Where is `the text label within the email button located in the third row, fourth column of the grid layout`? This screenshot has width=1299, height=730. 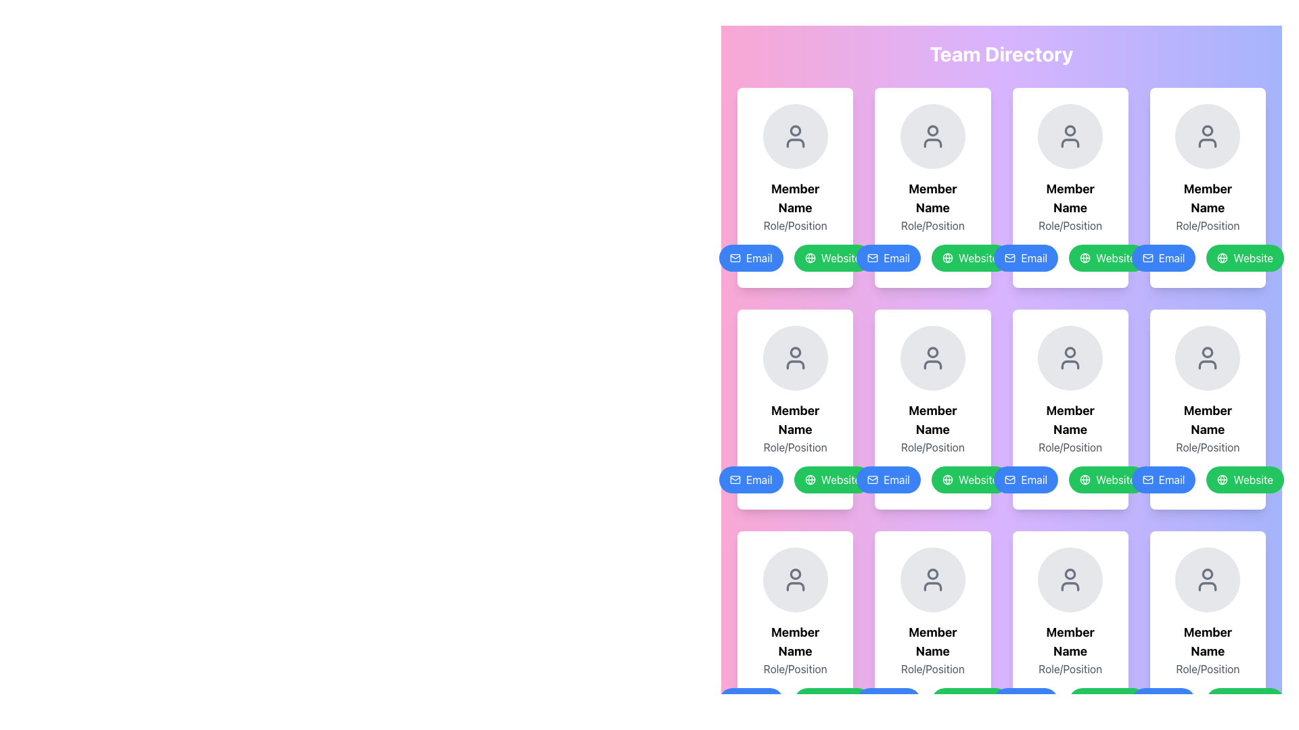 the text label within the email button located in the third row, fourth column of the grid layout is located at coordinates (1171, 258).